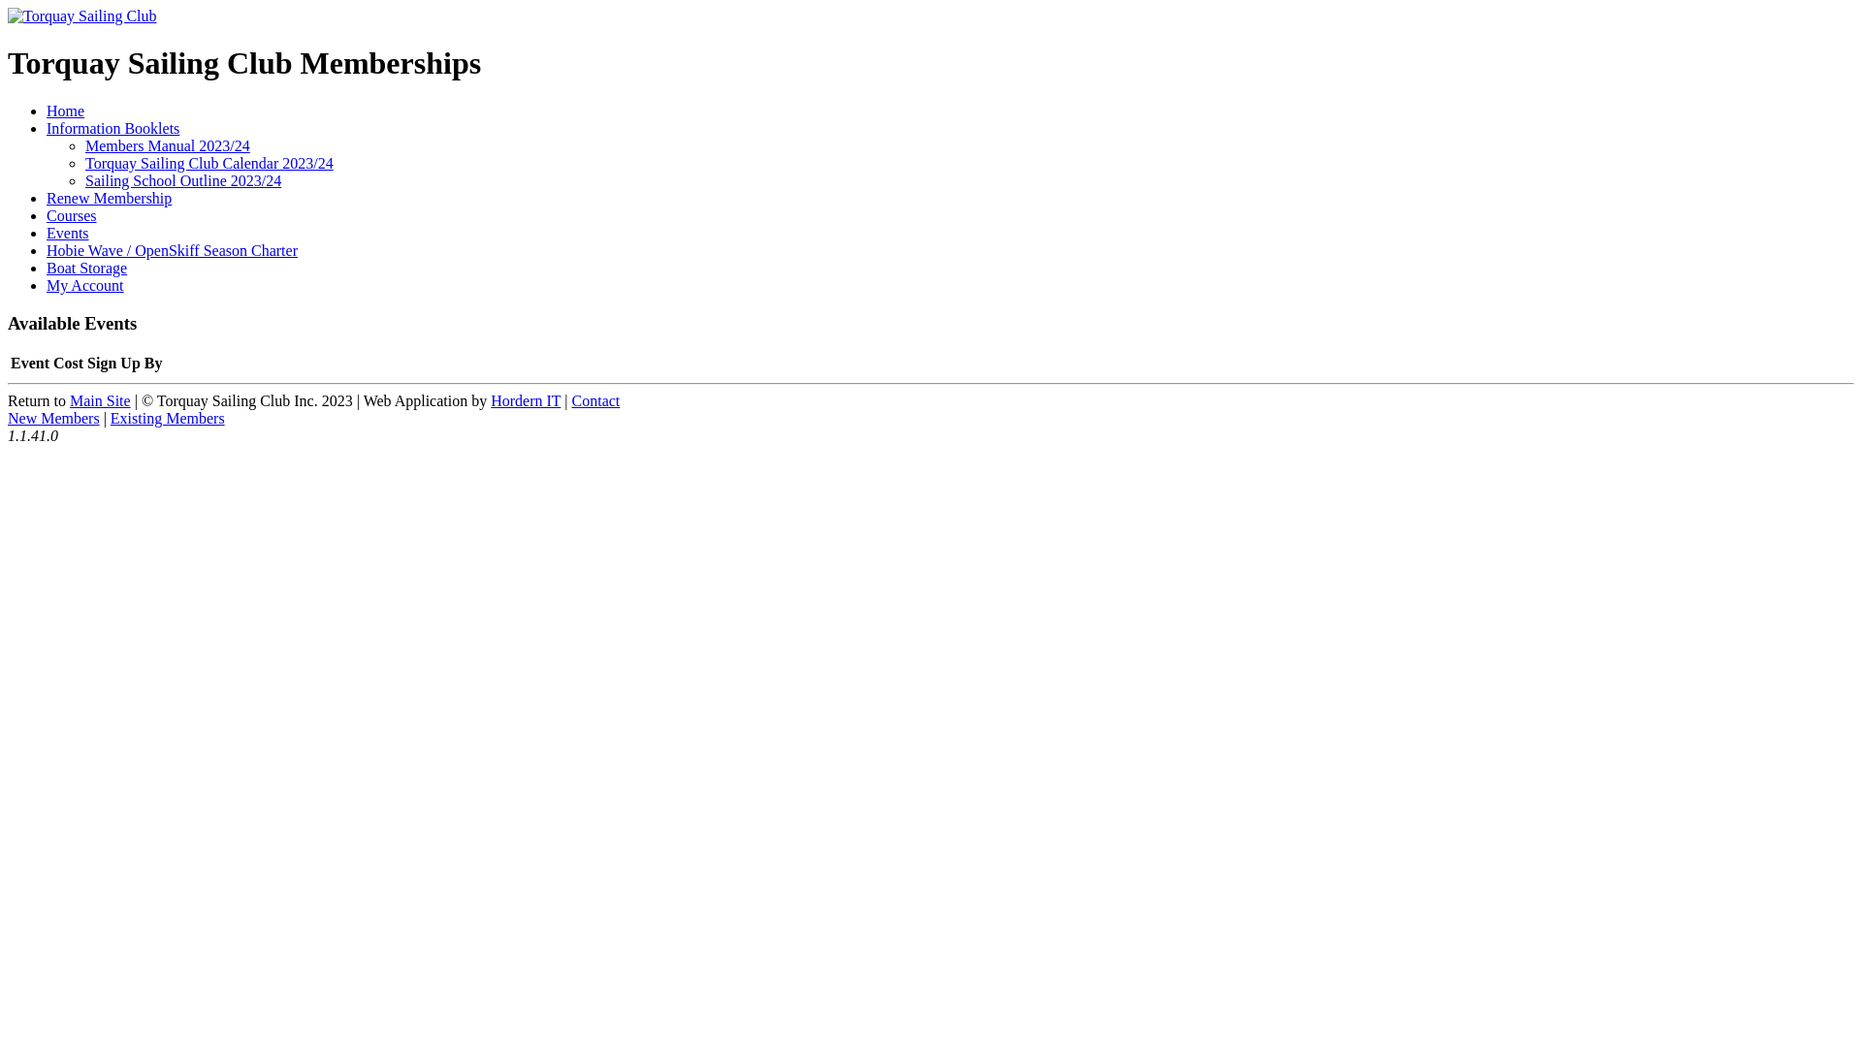  I want to click on 'Sailing School Outline 2023/24', so click(182, 180).